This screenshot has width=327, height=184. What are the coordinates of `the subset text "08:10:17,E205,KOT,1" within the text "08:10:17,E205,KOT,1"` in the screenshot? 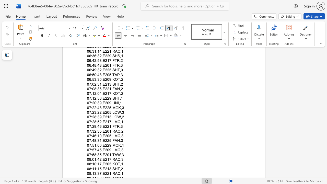 It's located at (87, 164).